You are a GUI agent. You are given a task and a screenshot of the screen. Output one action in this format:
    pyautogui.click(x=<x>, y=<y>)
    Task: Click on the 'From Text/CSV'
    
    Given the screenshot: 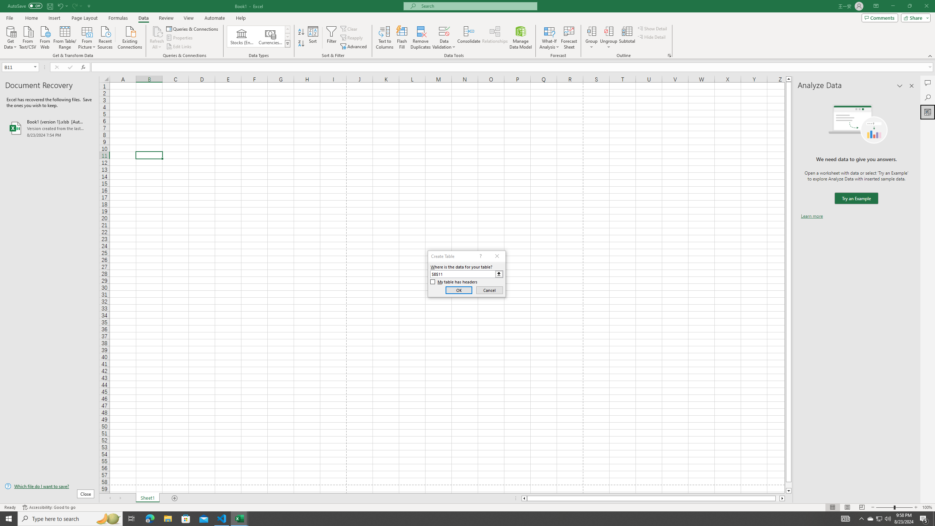 What is the action you would take?
    pyautogui.click(x=28, y=37)
    